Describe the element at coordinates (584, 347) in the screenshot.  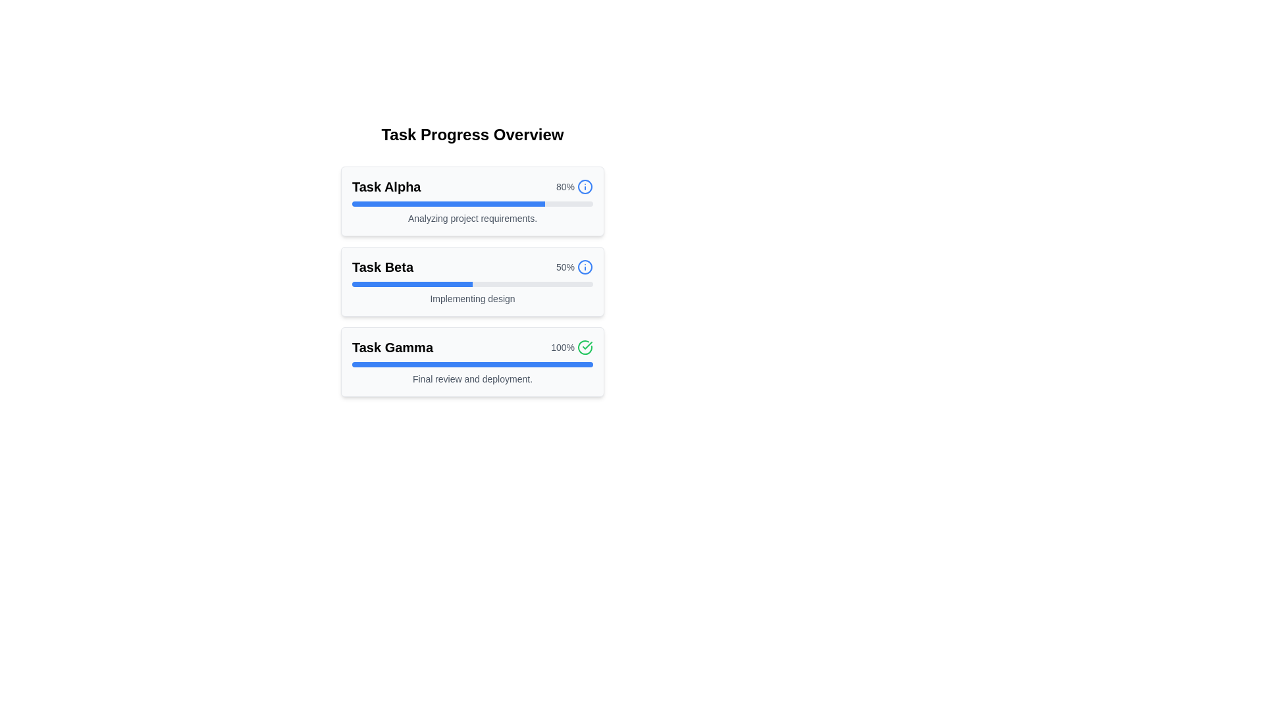
I see `the green circle-check icon indicating task completion in the 'Task Gamma' section, located on the right side of the progress bar` at that location.